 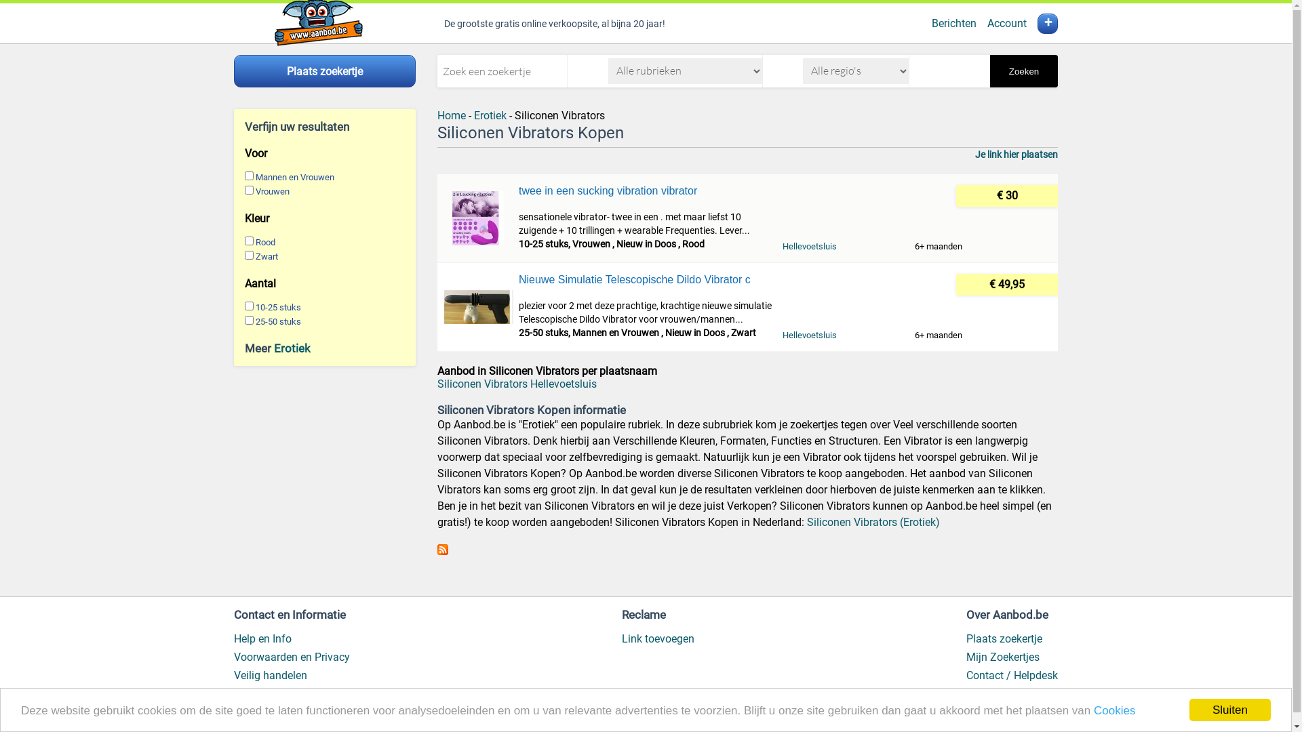 What do you see at coordinates (1006, 23) in the screenshot?
I see `'Account'` at bounding box center [1006, 23].